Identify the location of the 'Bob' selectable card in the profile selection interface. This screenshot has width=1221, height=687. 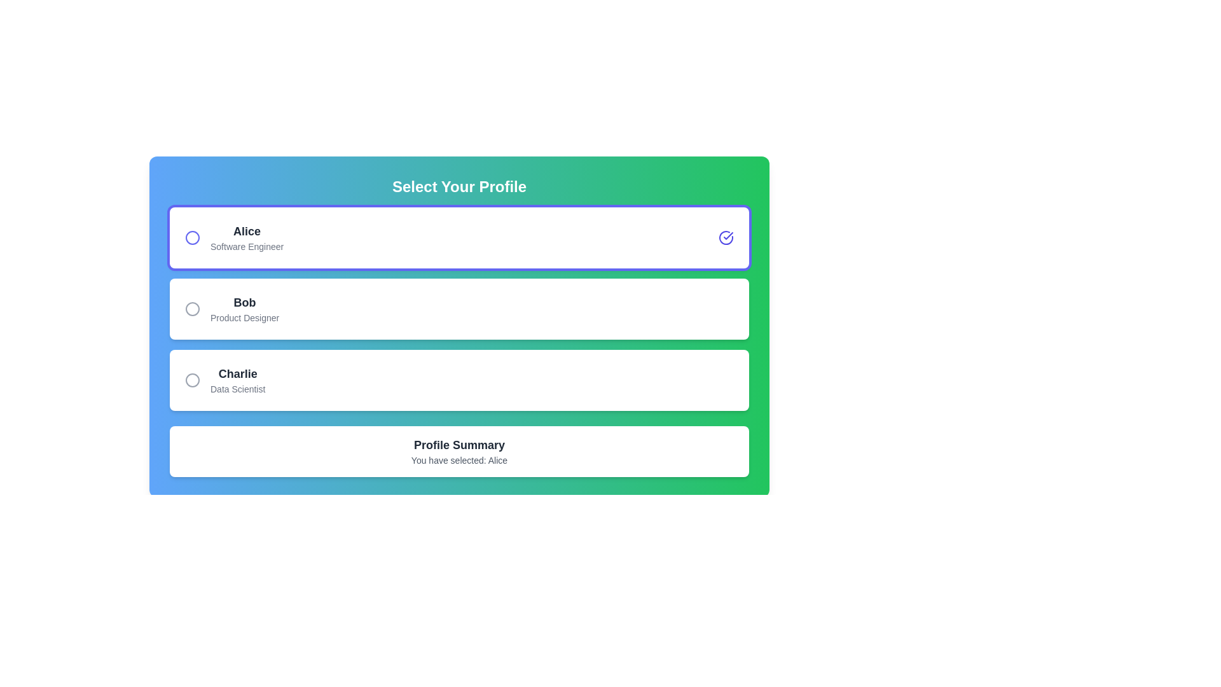
(459, 309).